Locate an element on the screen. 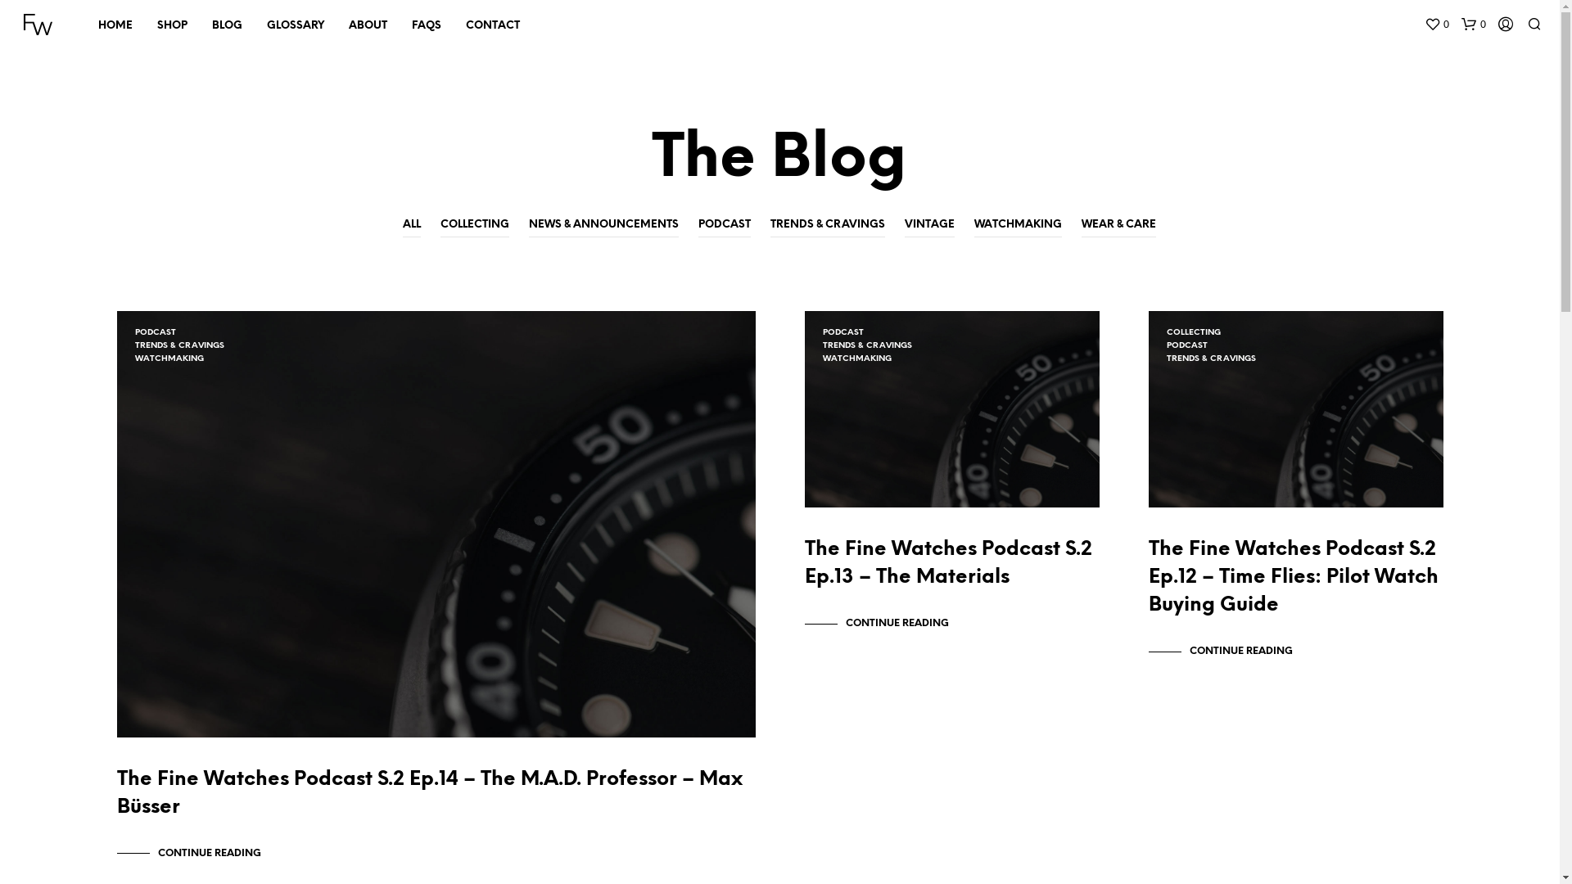 This screenshot has width=1572, height=884. 'WEAR & CARE' is located at coordinates (1118, 225).